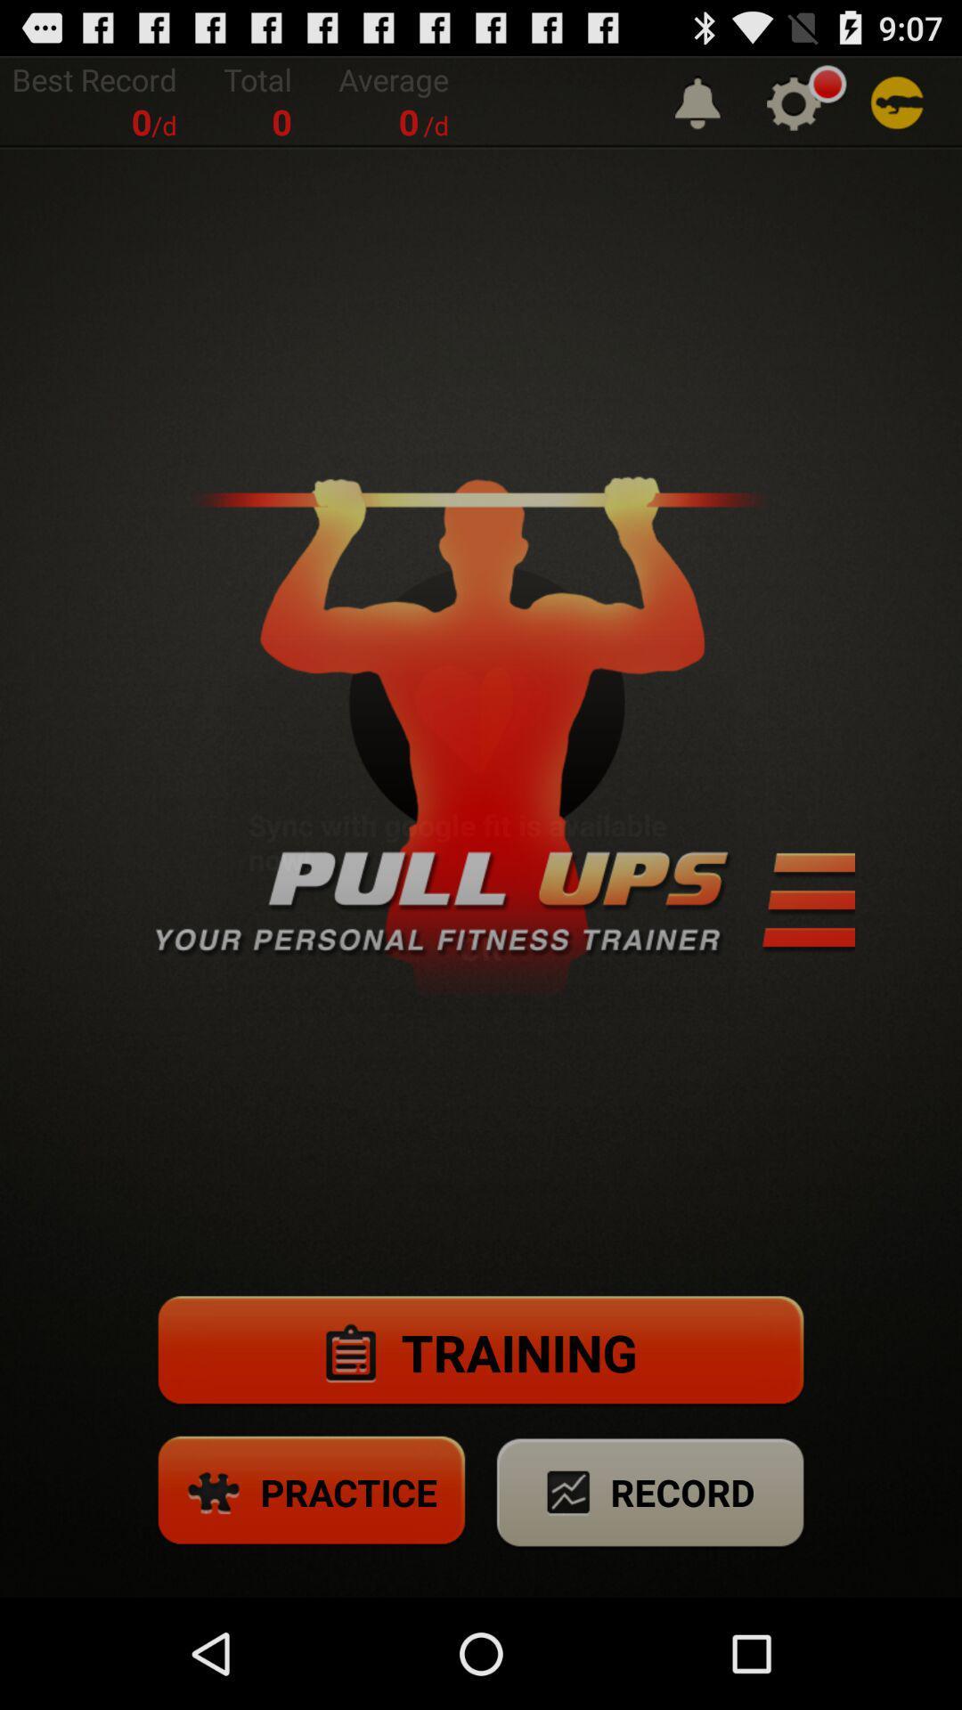  Describe the element at coordinates (697, 102) in the screenshot. I see `notifications` at that location.